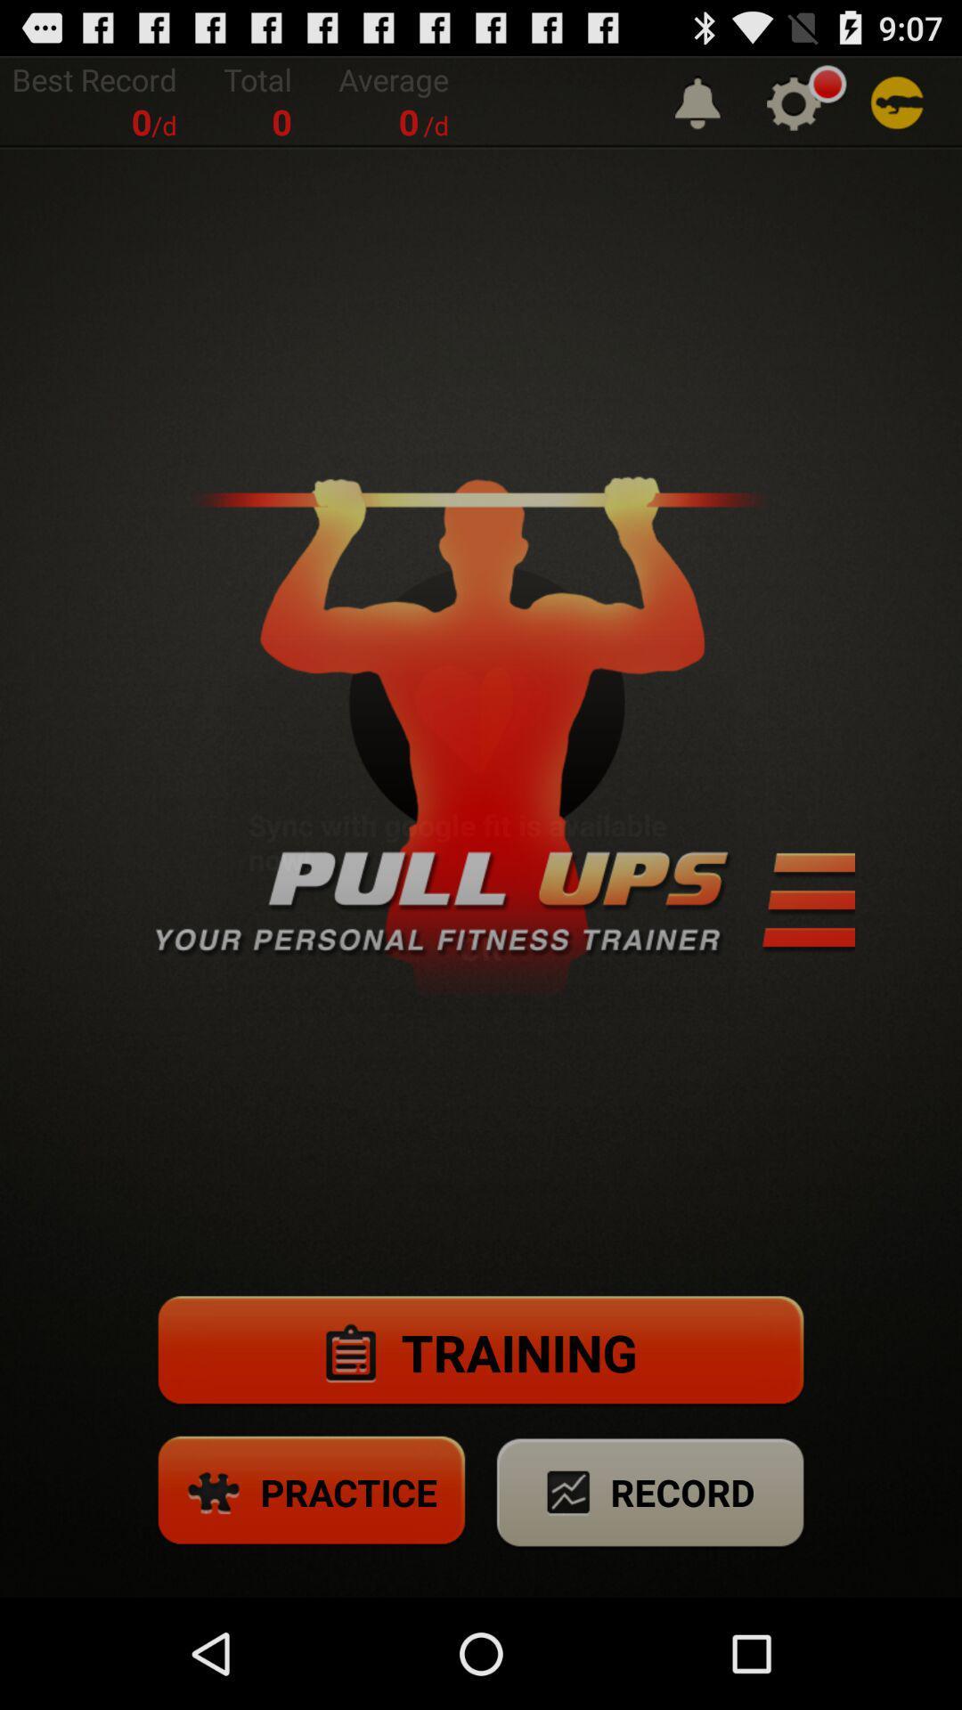  Describe the element at coordinates (697, 102) in the screenshot. I see `notifications` at that location.